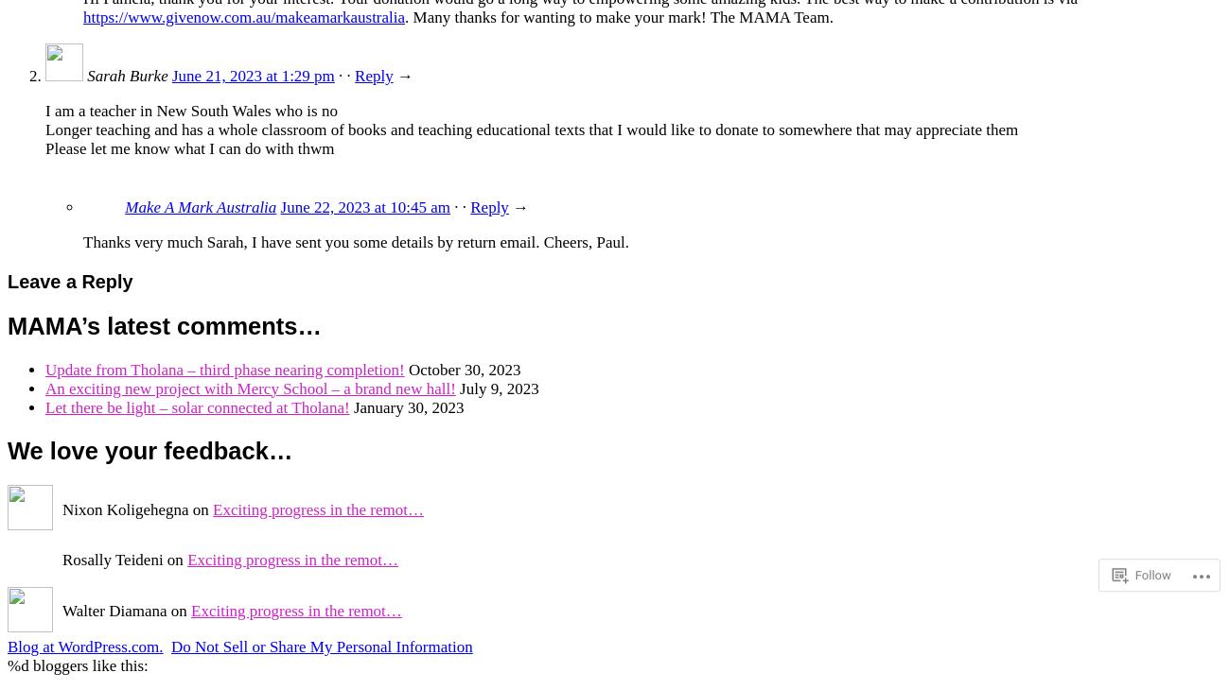 This screenshot has height=690, width=1230. What do you see at coordinates (164, 325) in the screenshot?
I see `'MAMA’s latest comments…'` at bounding box center [164, 325].